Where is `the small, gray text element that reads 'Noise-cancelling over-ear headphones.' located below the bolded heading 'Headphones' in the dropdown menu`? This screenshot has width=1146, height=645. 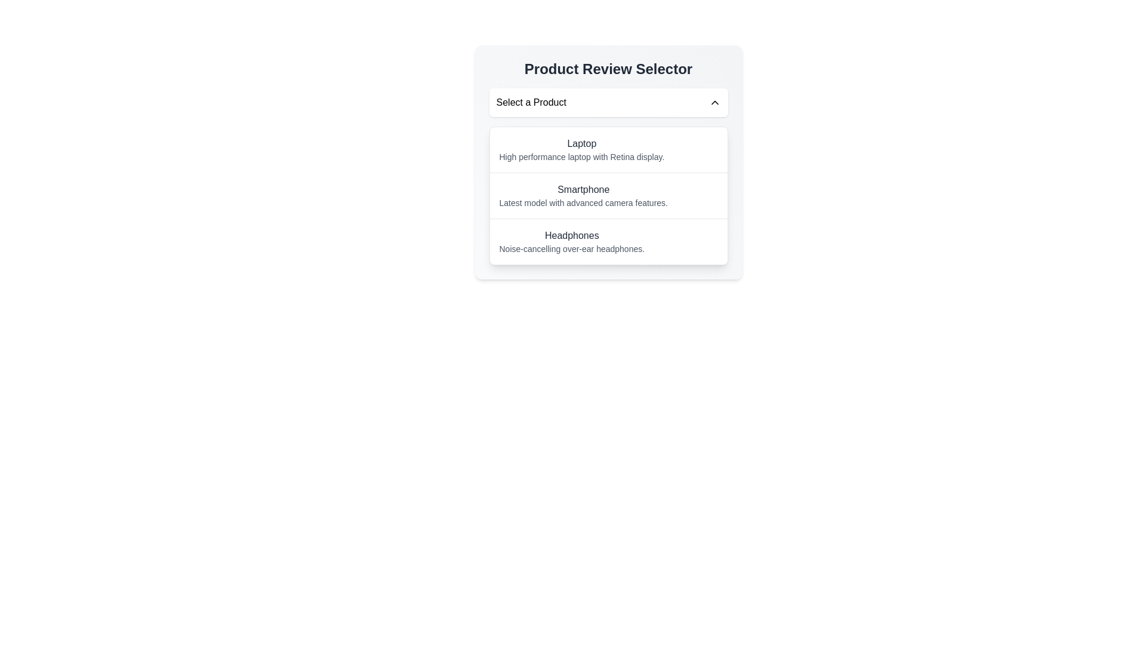 the small, gray text element that reads 'Noise-cancelling over-ear headphones.' located below the bolded heading 'Headphones' in the dropdown menu is located at coordinates (571, 248).